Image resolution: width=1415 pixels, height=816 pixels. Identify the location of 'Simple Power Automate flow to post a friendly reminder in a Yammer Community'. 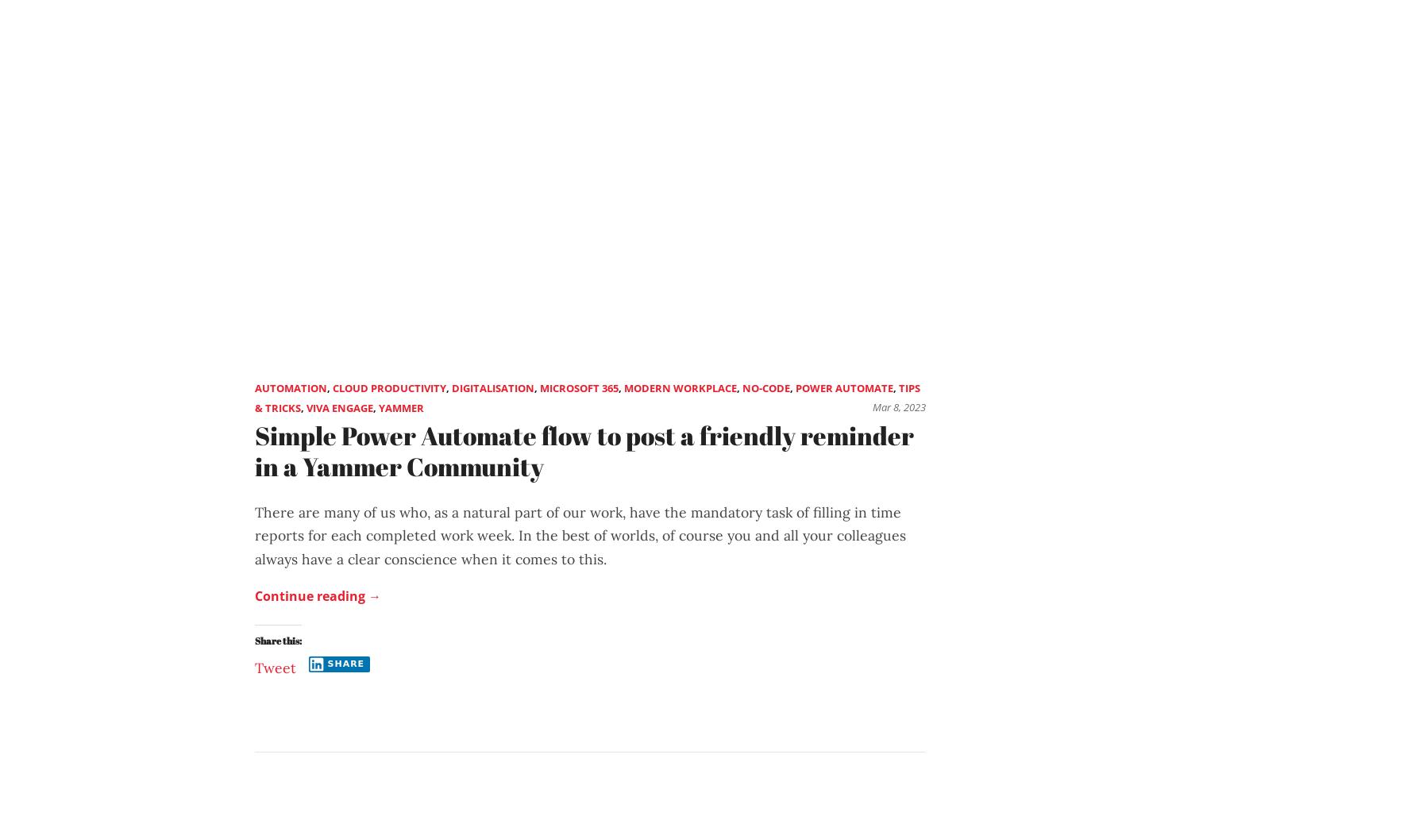
(584, 450).